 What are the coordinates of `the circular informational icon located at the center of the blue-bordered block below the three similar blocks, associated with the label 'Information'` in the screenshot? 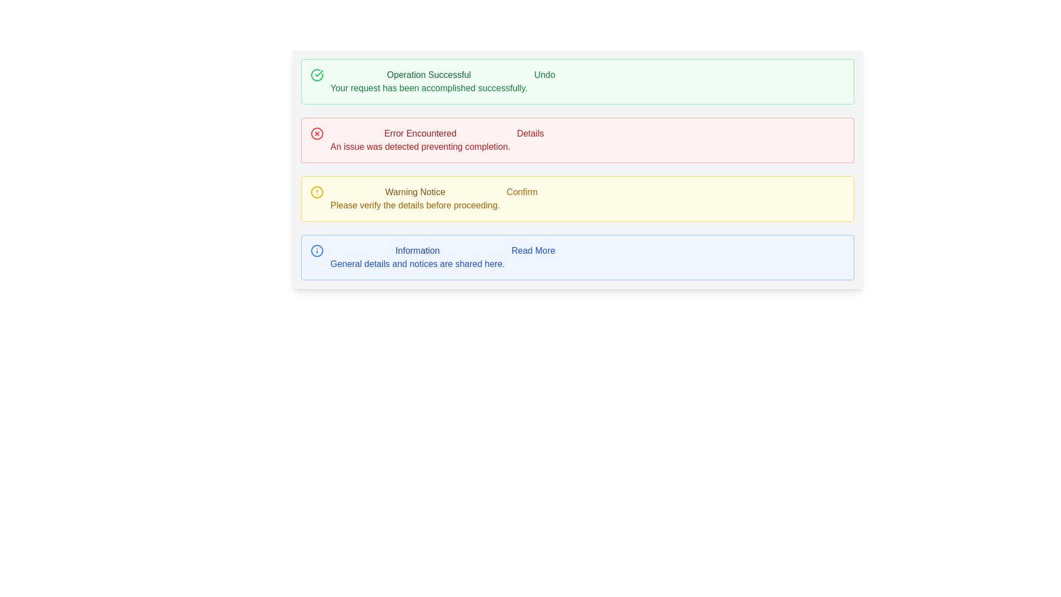 It's located at (317, 251).